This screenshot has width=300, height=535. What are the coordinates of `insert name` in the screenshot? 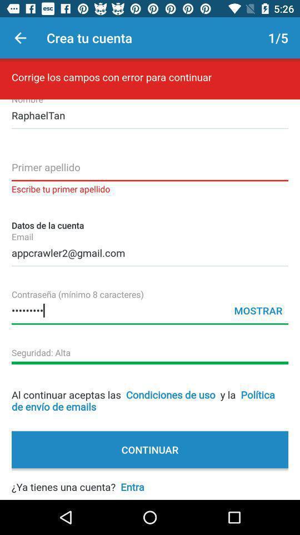 It's located at (150, 171).